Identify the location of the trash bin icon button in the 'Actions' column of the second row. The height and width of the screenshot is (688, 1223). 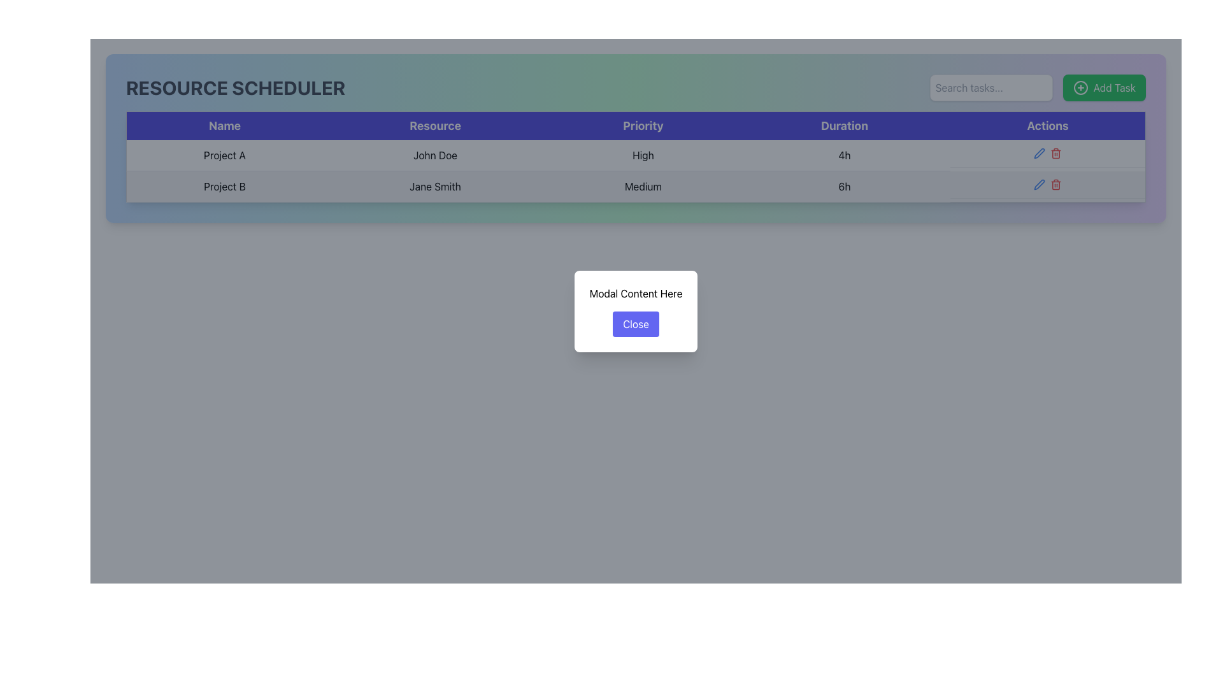
(1056, 152).